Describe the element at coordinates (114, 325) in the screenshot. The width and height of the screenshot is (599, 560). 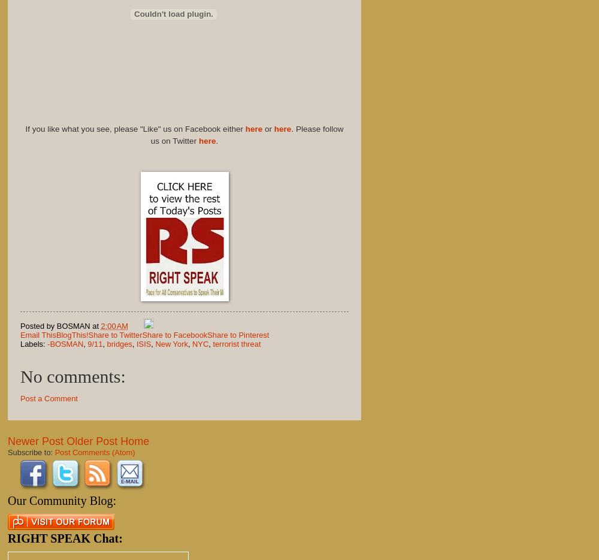
I see `'2:00 AM'` at that location.